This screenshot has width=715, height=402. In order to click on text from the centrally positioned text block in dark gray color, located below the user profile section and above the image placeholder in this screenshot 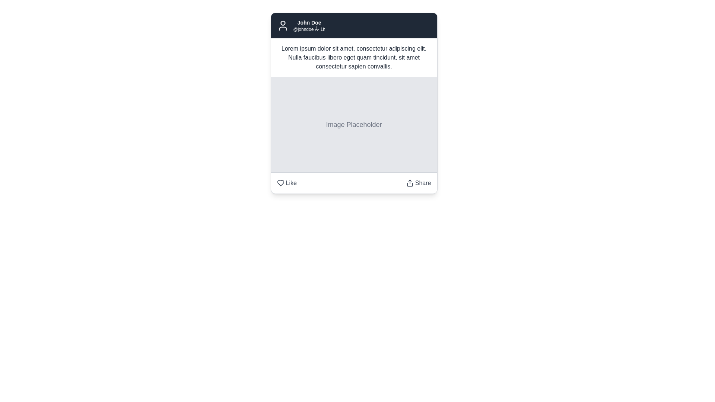, I will do `click(353, 57)`.